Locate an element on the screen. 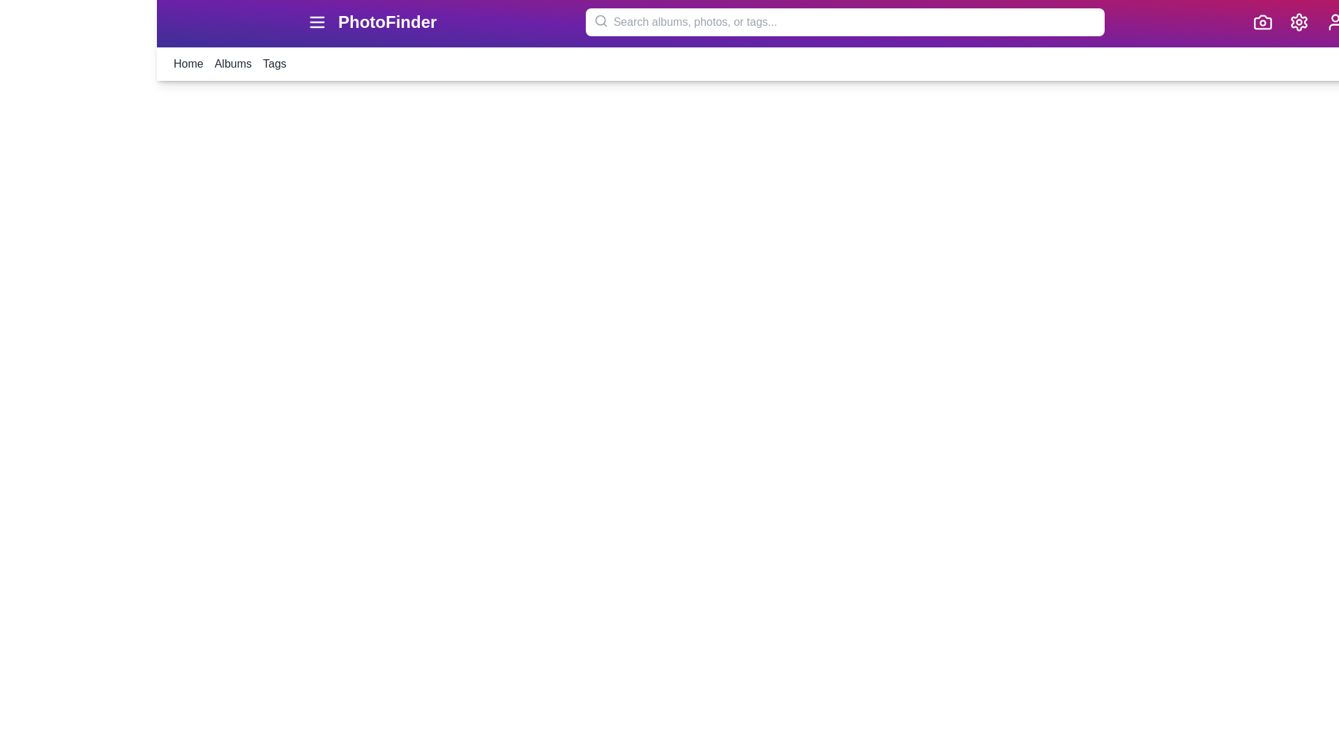 The image size is (1339, 753). the menu icon to toggle the menu visibility is located at coordinates (317, 22).